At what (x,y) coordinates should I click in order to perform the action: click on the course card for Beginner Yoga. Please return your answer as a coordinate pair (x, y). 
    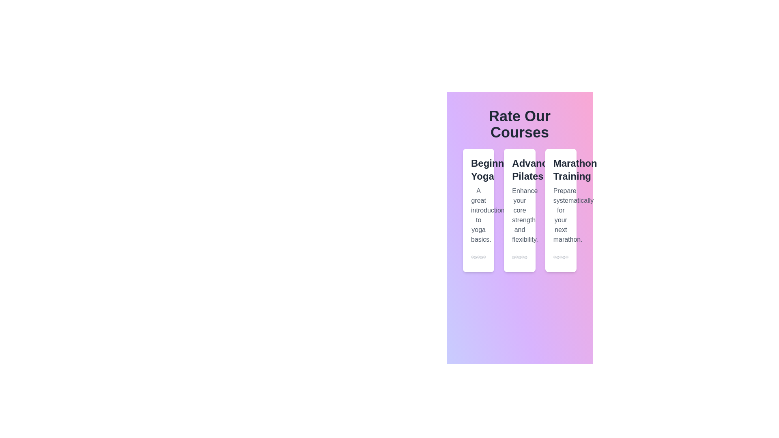
    Looking at the image, I should click on (478, 210).